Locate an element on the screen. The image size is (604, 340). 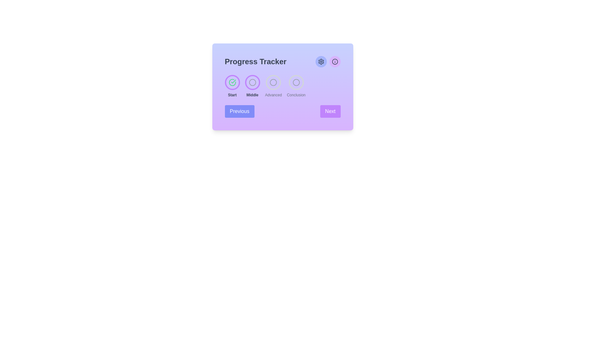
the progress status across different stages of the horizontal progress indicator located in the center of the 'Progress Tracker' widget is located at coordinates (282, 86).